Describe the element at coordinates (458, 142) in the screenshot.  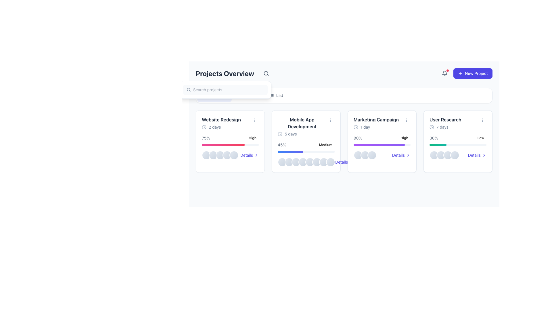
I see `the 'User Research' card, which is the fourth card in a grid layout` at that location.